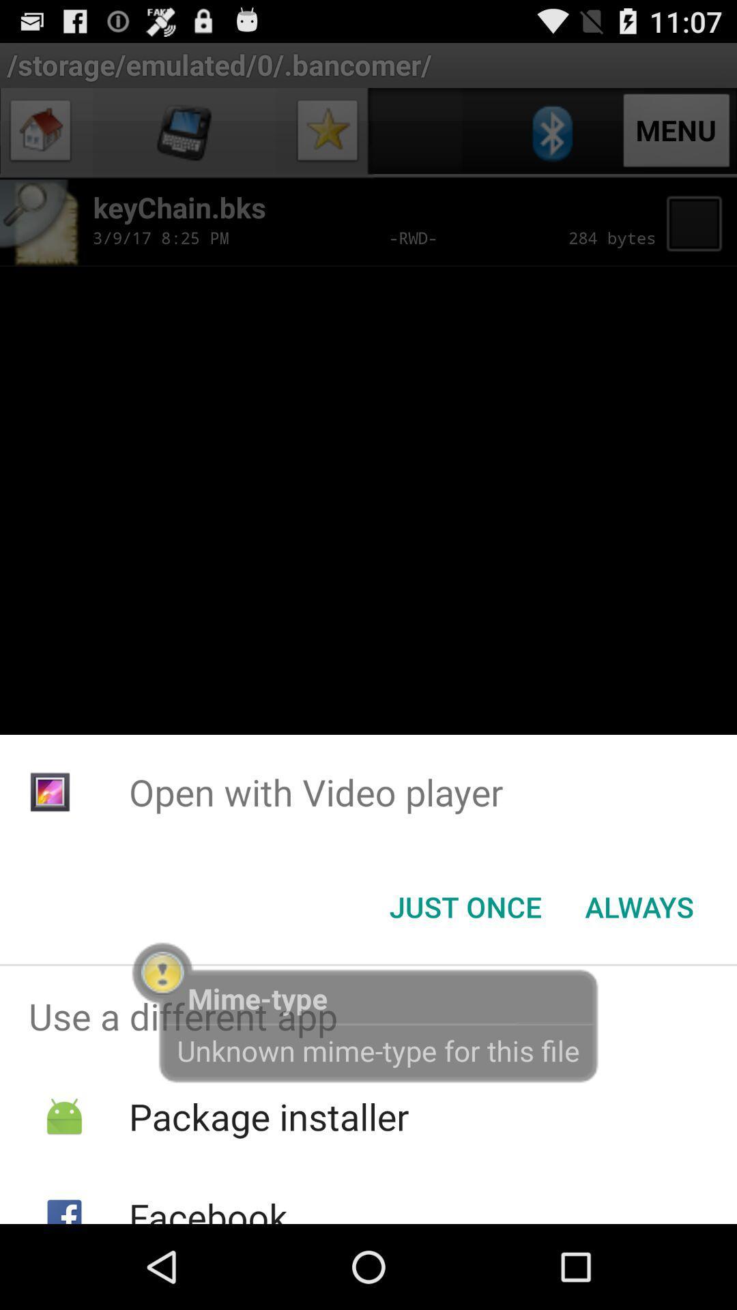  Describe the element at coordinates (639, 907) in the screenshot. I see `button at the bottom right corner` at that location.